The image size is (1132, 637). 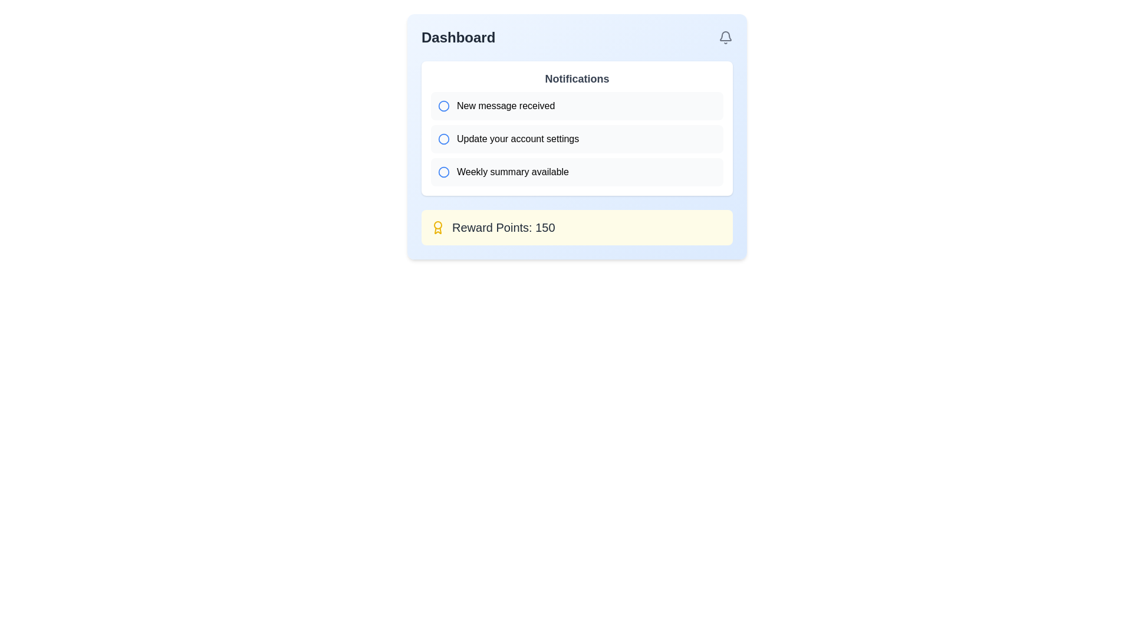 I want to click on the reward points icon located near the text 'Reward Points: 150' in the lower section of the interface, so click(x=437, y=227).